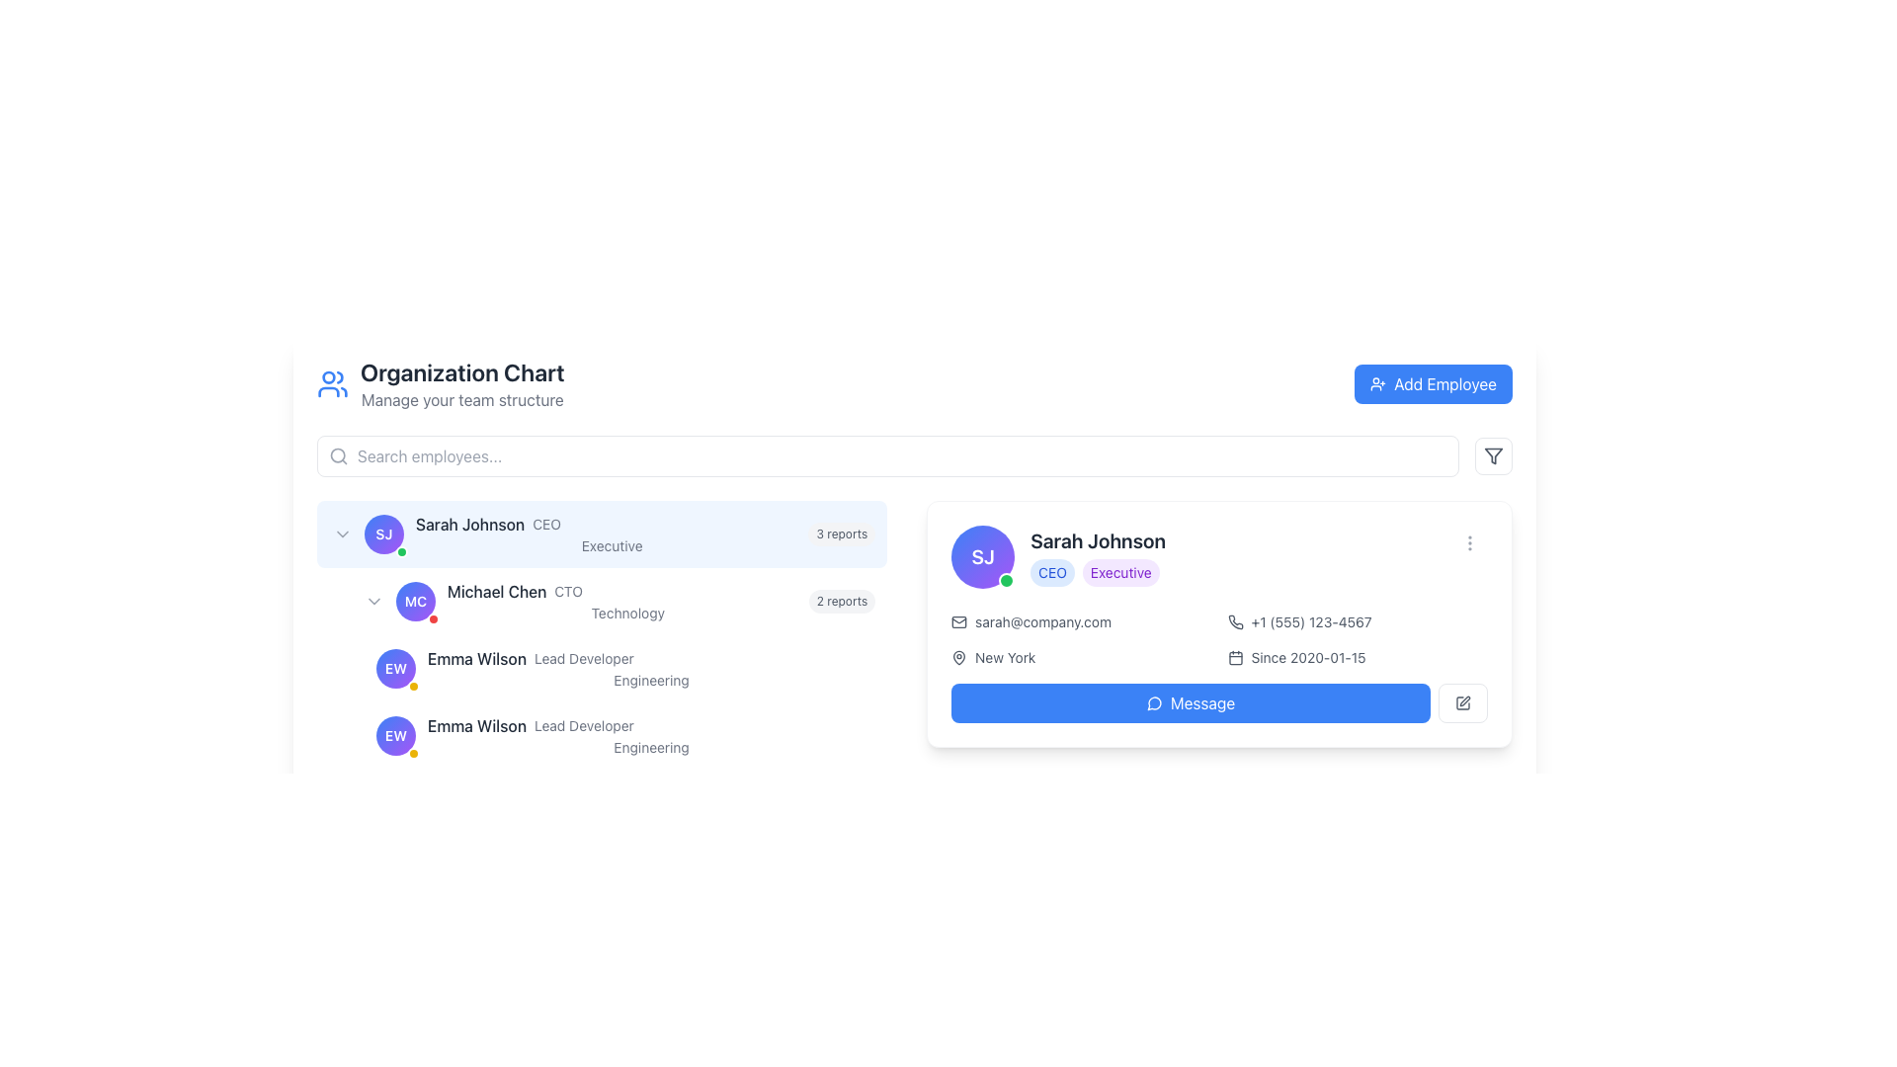 This screenshot has height=1067, width=1897. What do you see at coordinates (626, 601) in the screenshot?
I see `the text display element showing 'Michael Chen', titled 'CTO' in the Technology department, within the organizational chart` at bounding box center [626, 601].